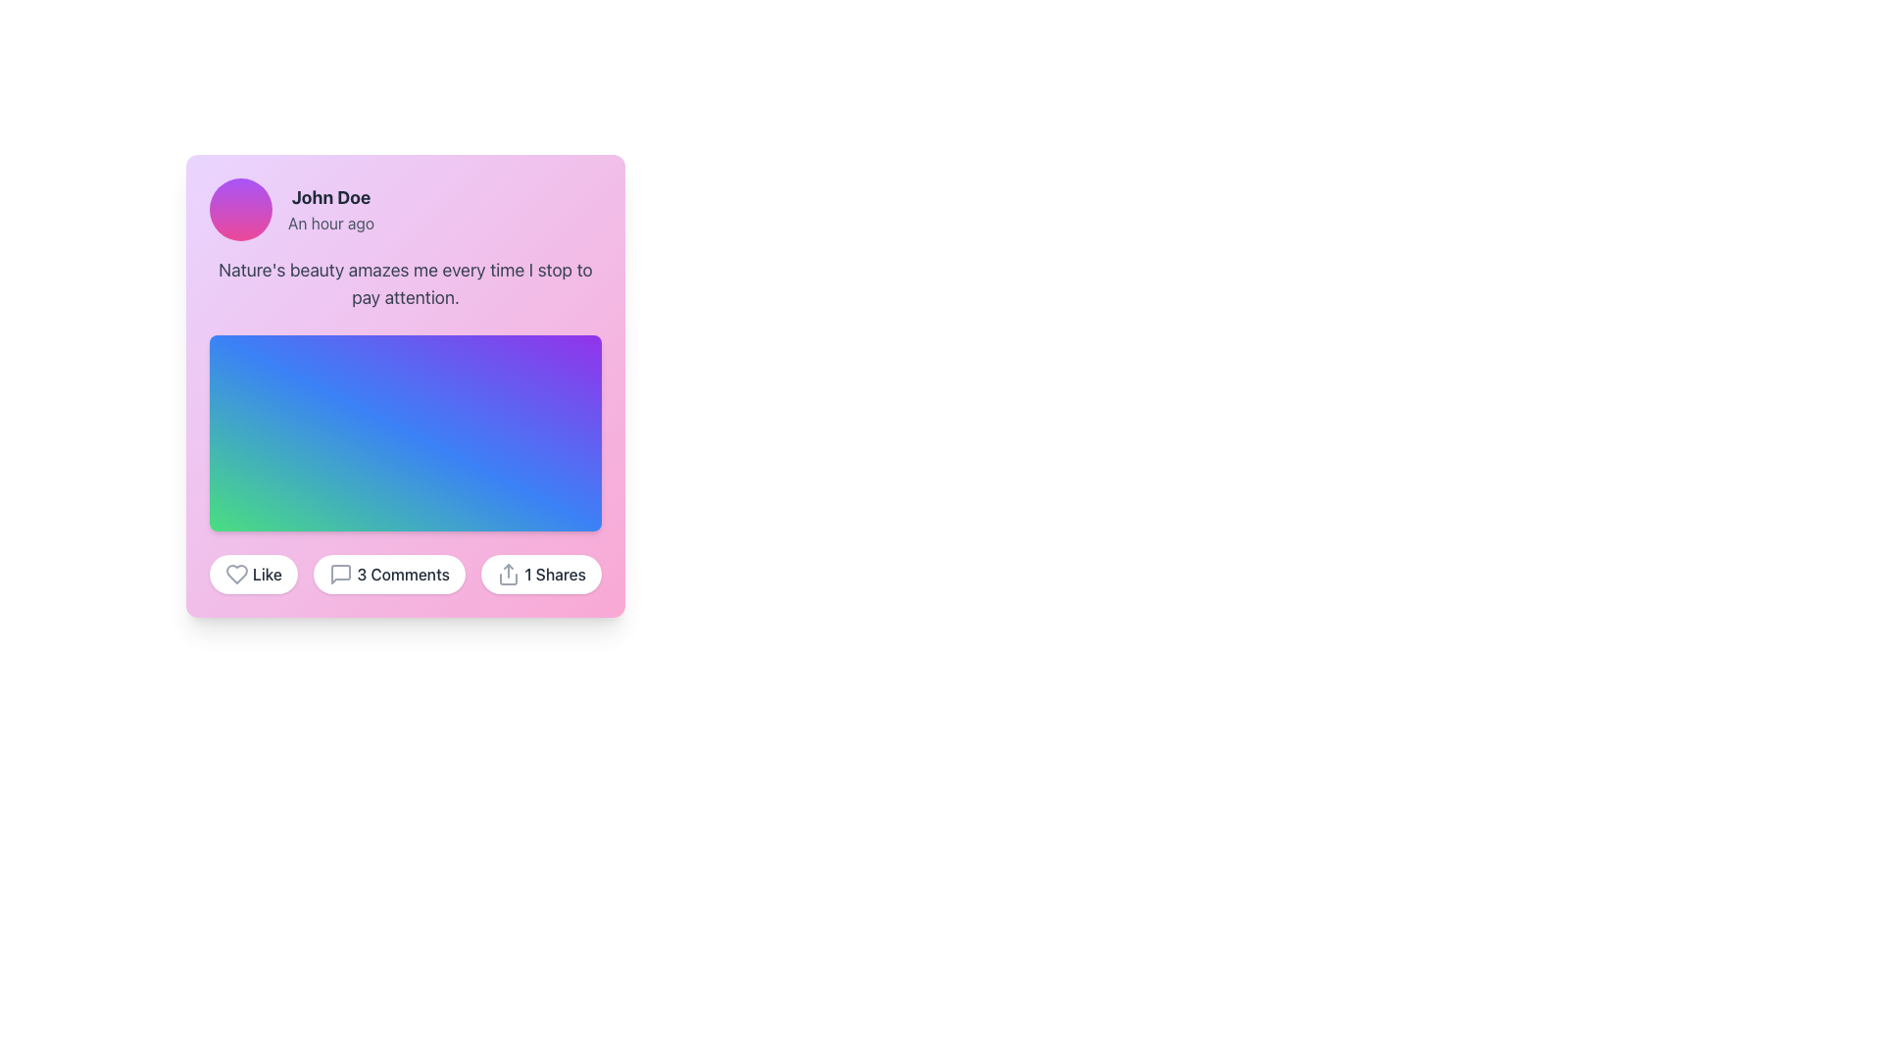 This screenshot has height=1059, width=1882. Describe the element at coordinates (404, 209) in the screenshot. I see `the User Info Panel located at the top of the card component, which displays the user's profile and posting time` at that location.